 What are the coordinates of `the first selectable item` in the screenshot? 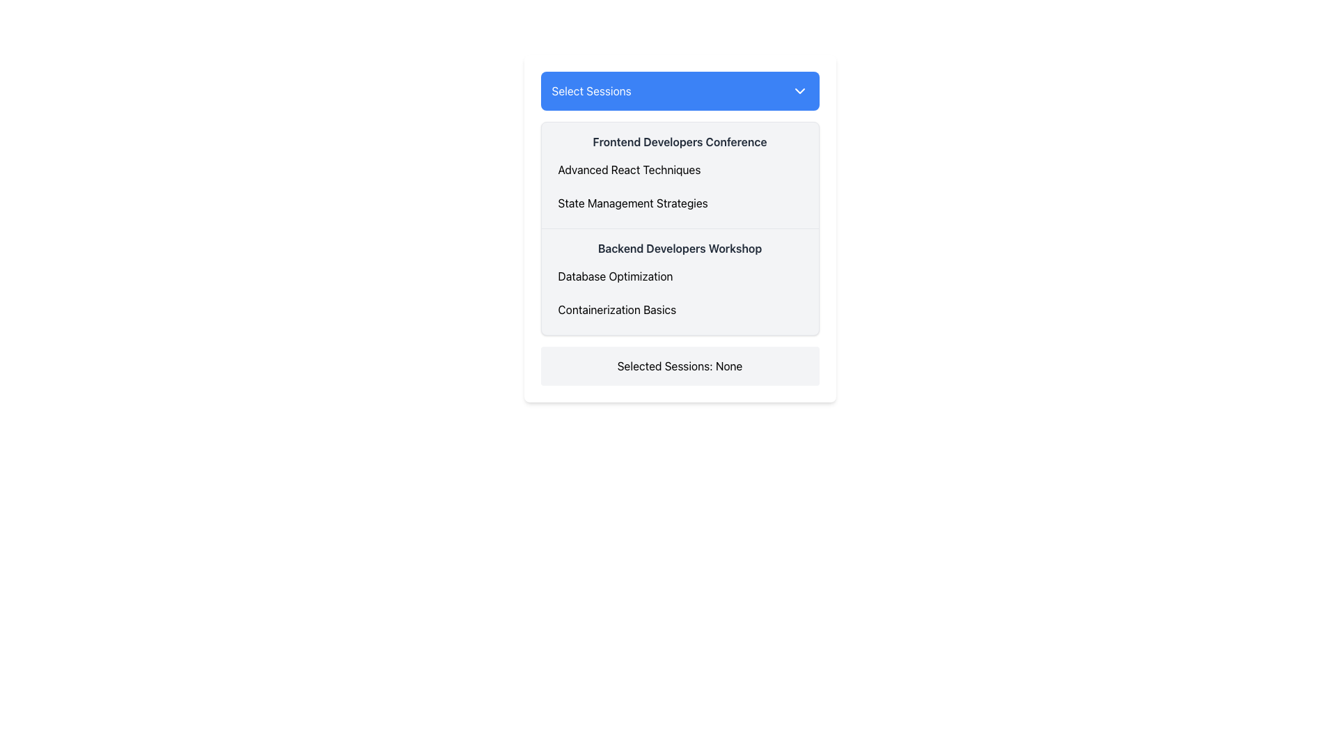 It's located at (680, 169).